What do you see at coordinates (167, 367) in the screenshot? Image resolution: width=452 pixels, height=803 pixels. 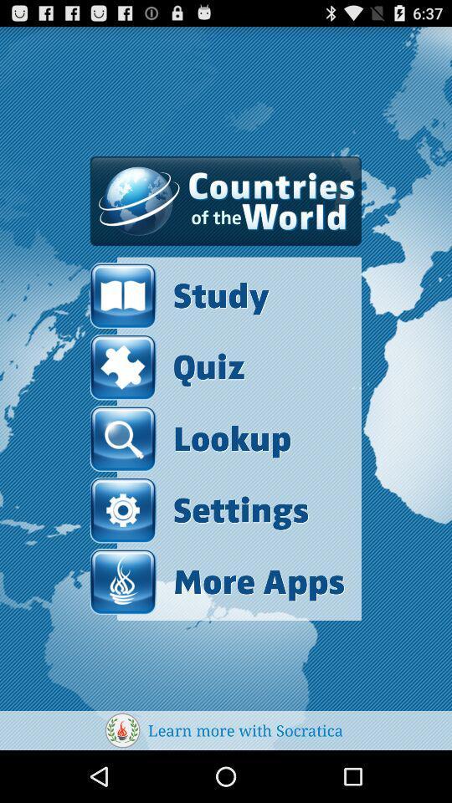 I see `the quiz` at bounding box center [167, 367].